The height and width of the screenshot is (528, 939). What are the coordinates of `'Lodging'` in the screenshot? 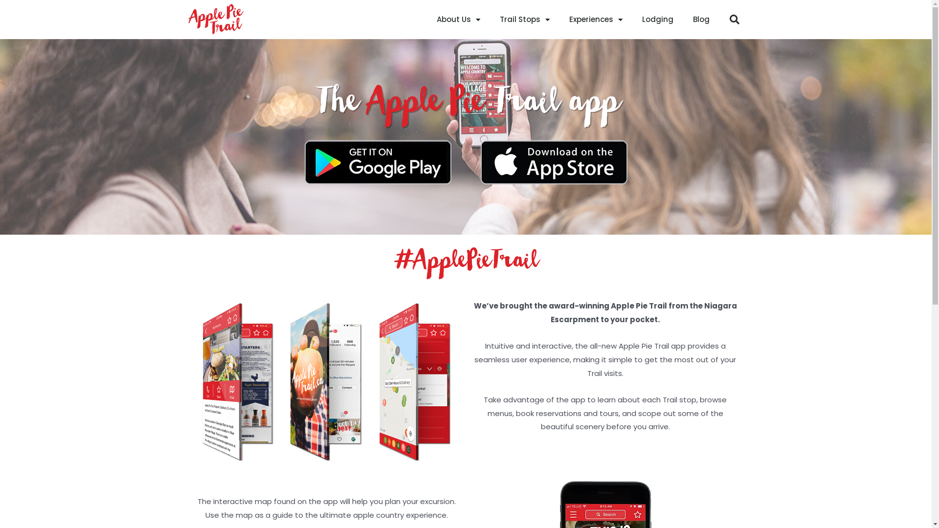 It's located at (657, 19).